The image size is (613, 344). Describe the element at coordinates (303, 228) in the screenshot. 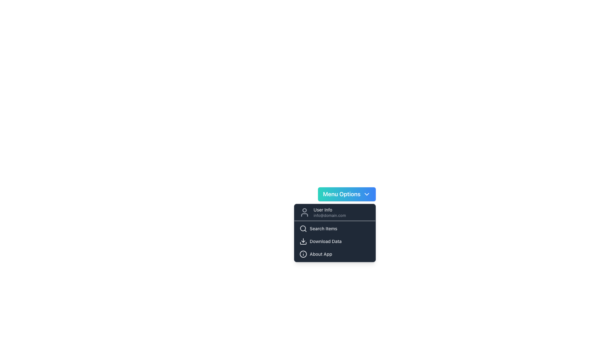

I see `the circular icon for the 'Search Items' option to interact with the associated menu item` at that location.